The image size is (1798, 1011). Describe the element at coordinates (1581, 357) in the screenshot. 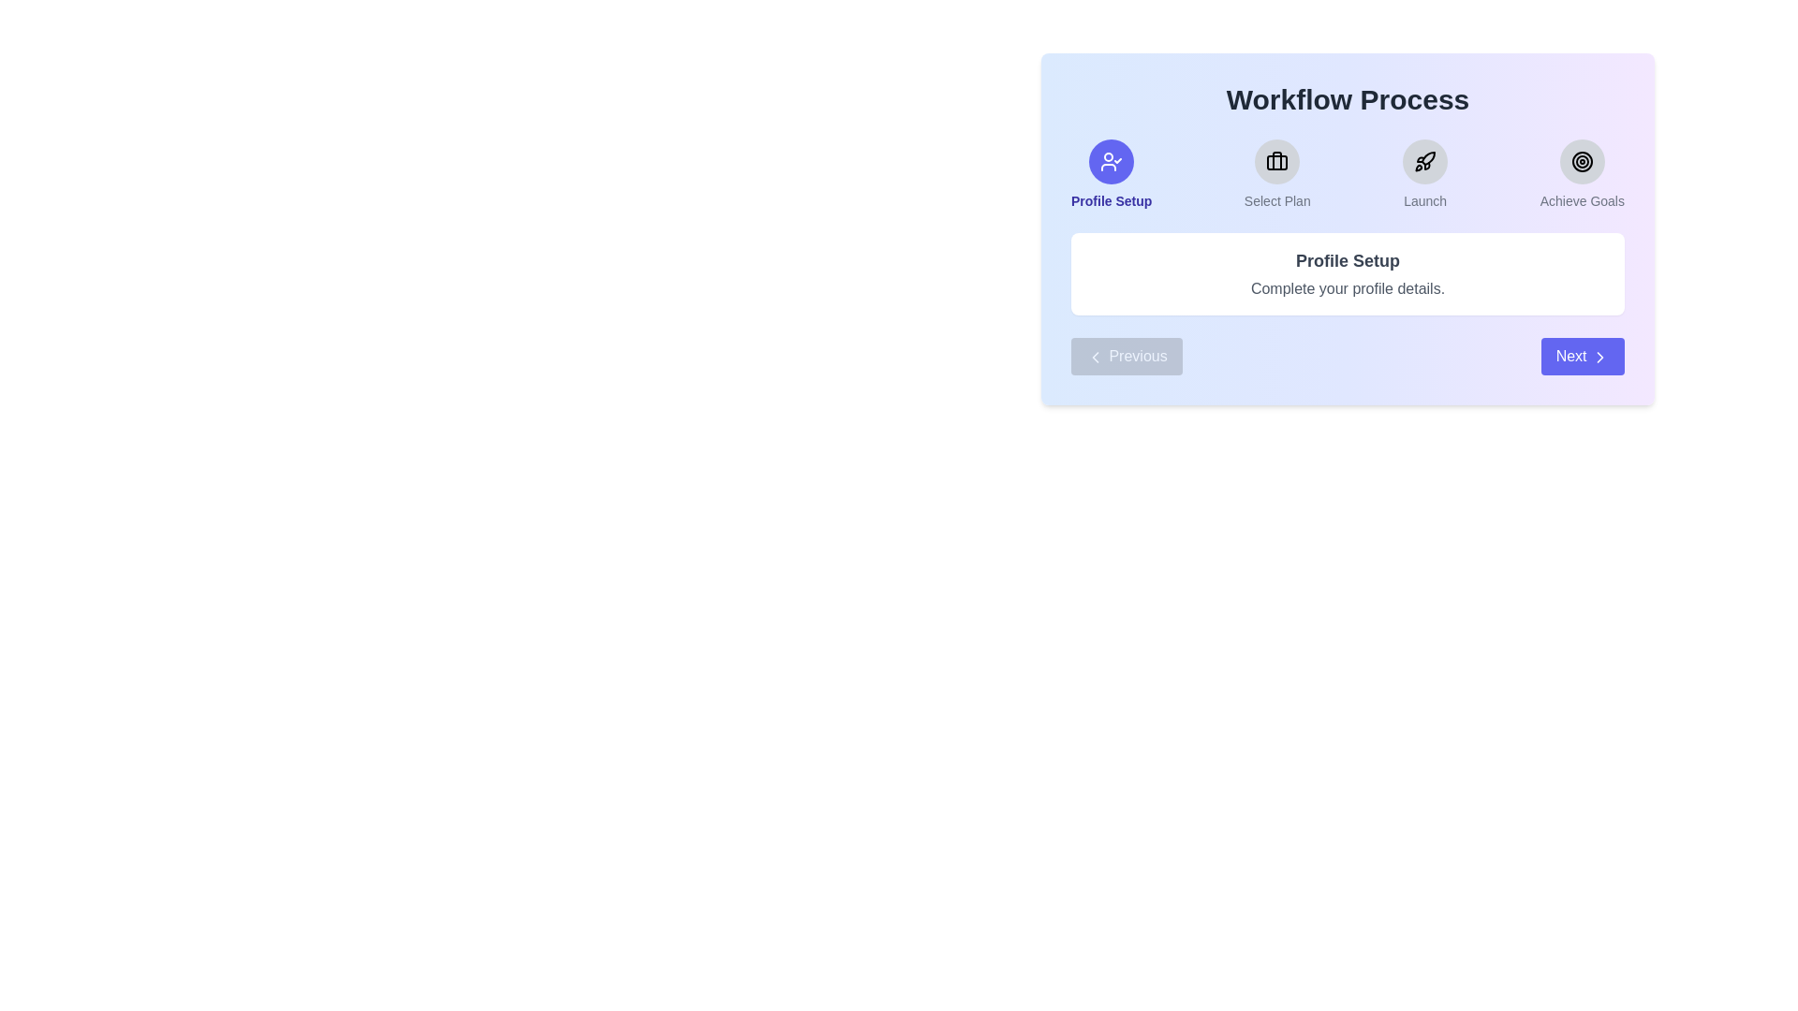

I see `the 'Next' button to navigate to the next step in the workflow` at that location.